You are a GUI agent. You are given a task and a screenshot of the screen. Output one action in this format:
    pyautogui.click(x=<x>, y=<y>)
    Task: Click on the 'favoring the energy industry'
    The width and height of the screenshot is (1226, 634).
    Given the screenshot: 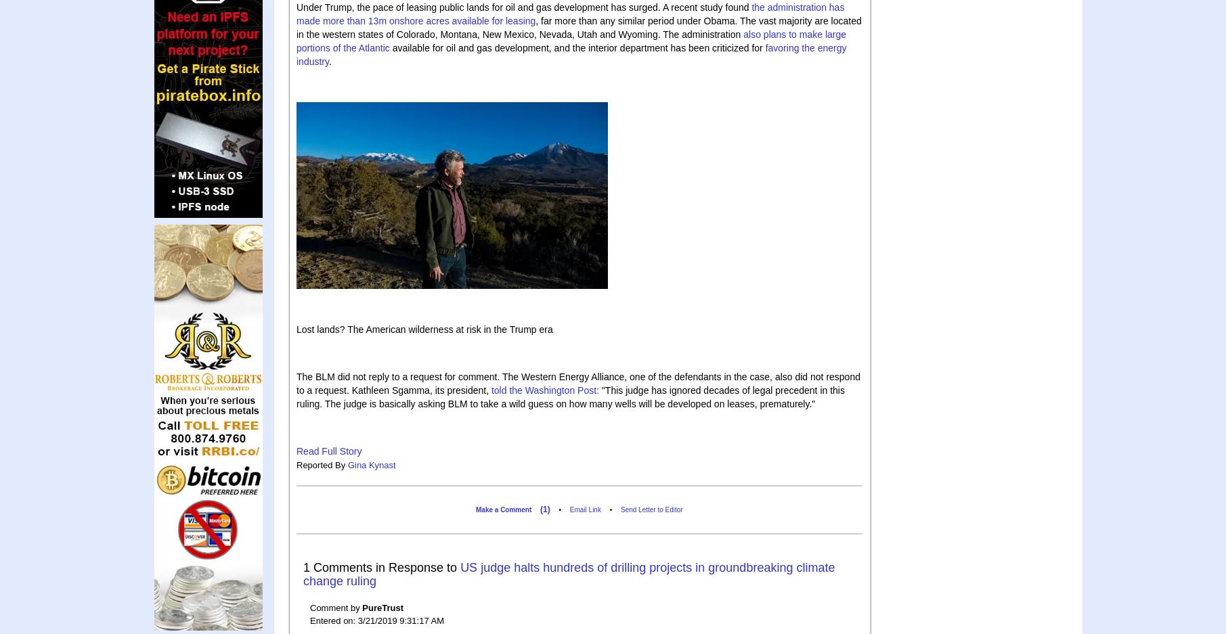 What is the action you would take?
    pyautogui.click(x=571, y=53)
    